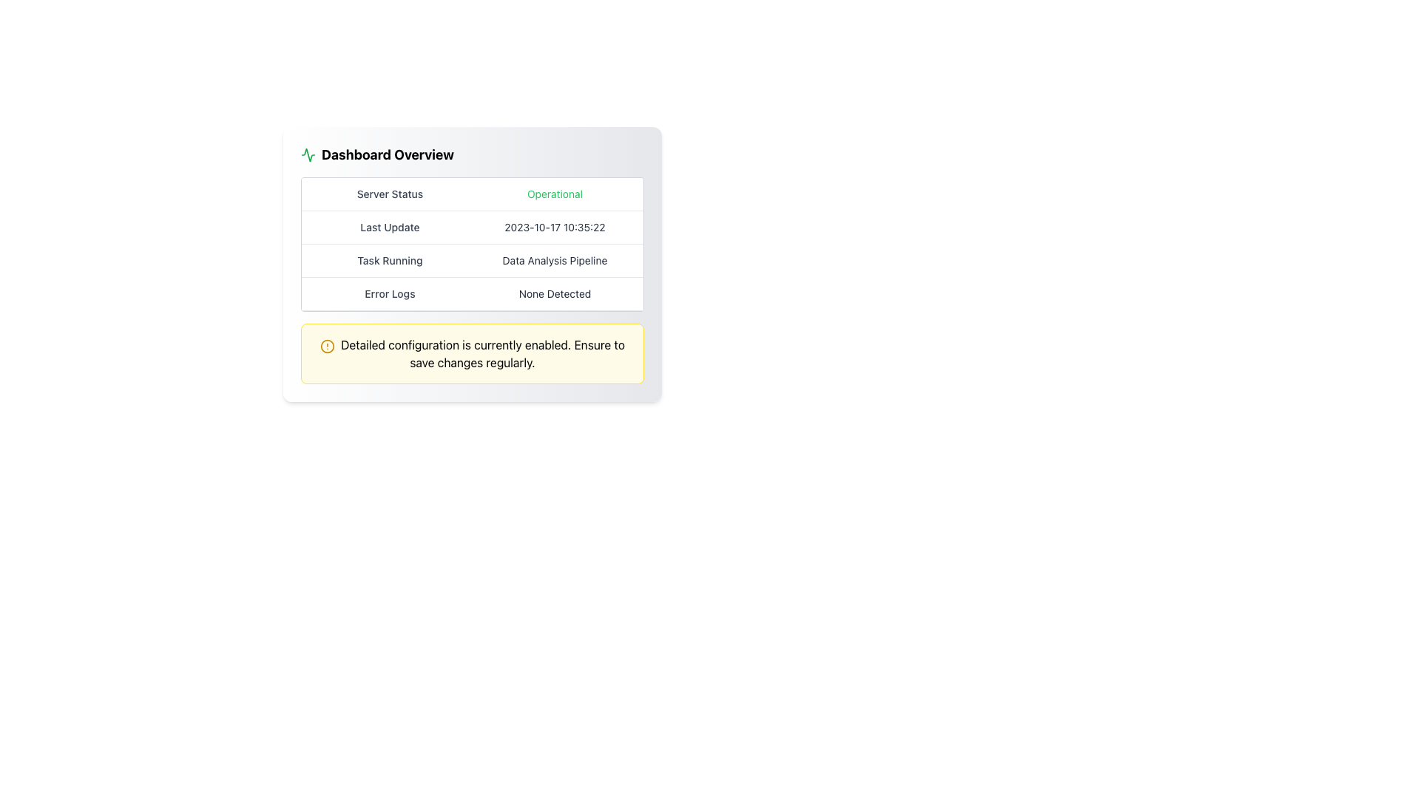  I want to click on the Circle graphic component located at the lower section of the notification box, which serves as a visual indicator for status or alert, so click(326, 346).